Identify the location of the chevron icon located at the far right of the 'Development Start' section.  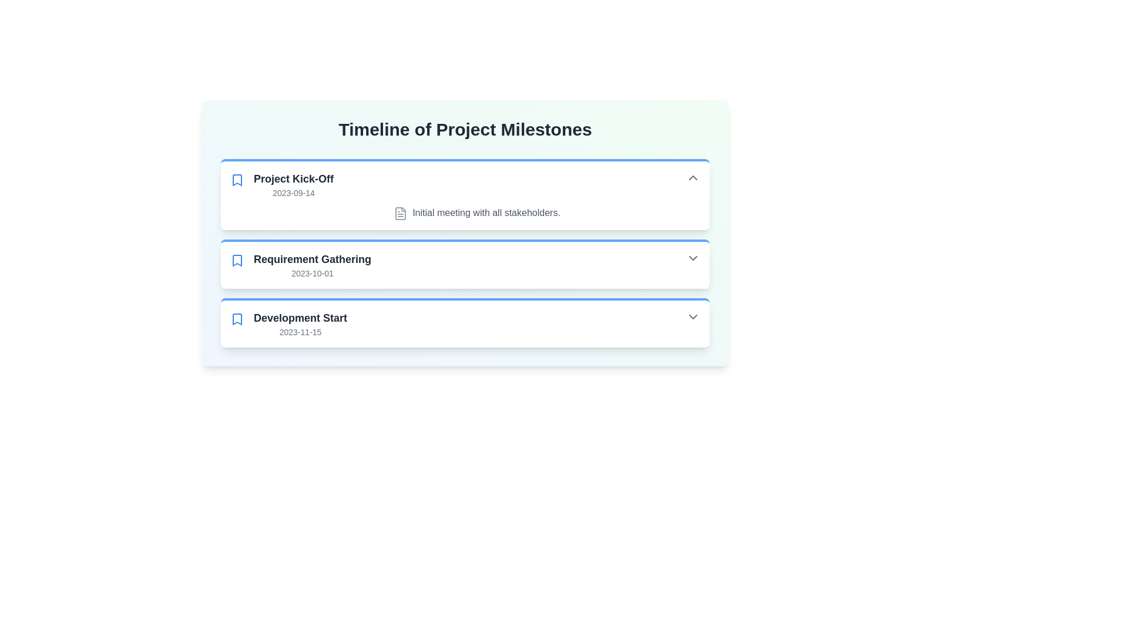
(693, 316).